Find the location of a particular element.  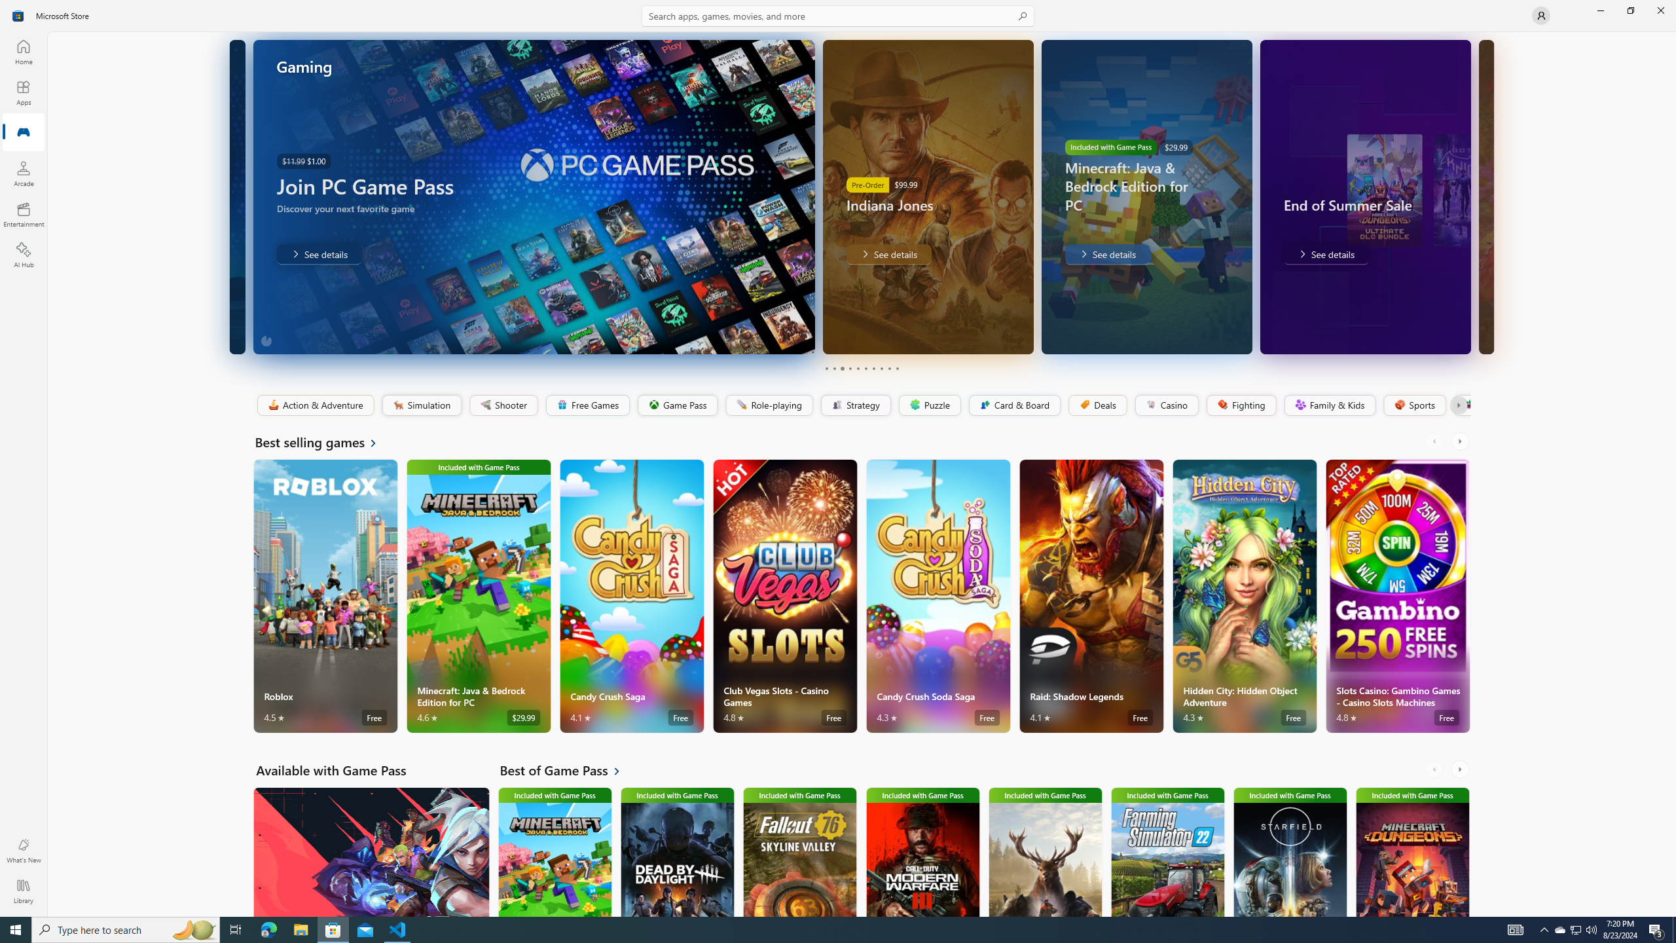

'Pager' is located at coordinates (862, 368).